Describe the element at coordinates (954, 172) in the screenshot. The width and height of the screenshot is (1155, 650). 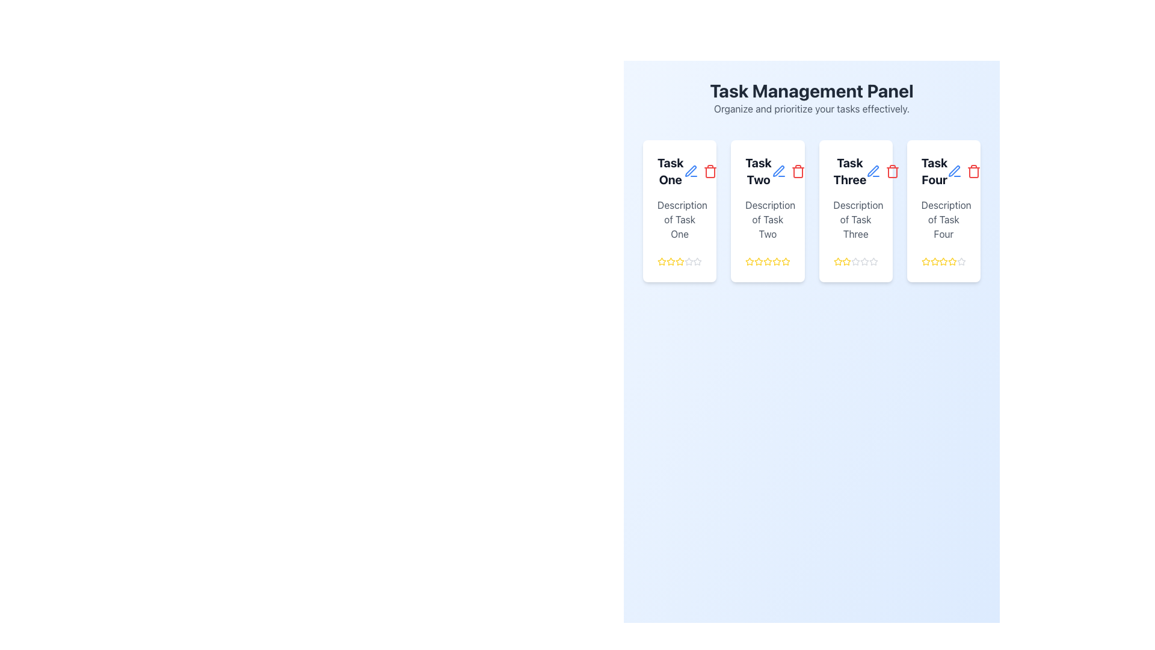
I see `the blue pen icon button in the top-right section of the 'Task Four' card to initiate the editing process` at that location.